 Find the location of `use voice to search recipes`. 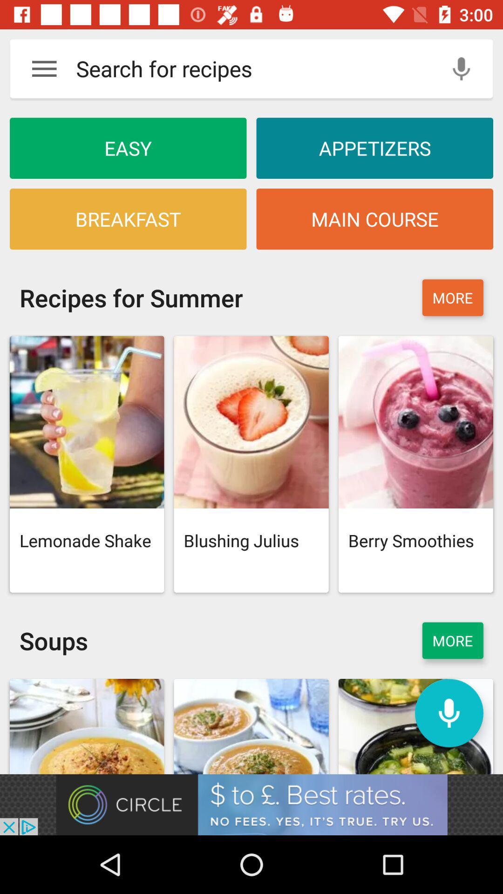

use voice to search recipes is located at coordinates (461, 68).